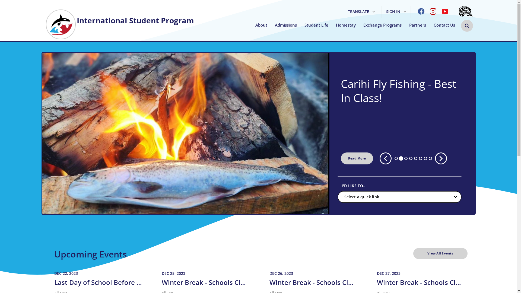  I want to click on 'Read More', so click(357, 158).